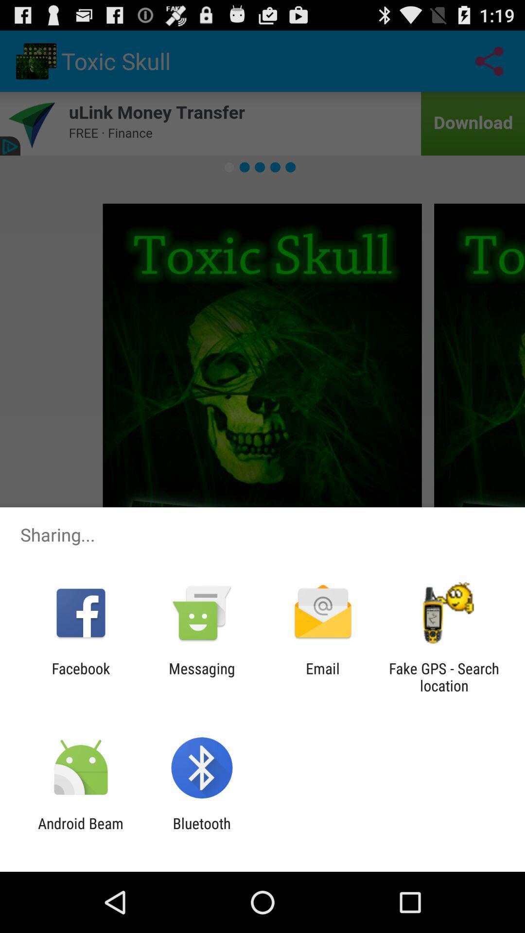 The height and width of the screenshot is (933, 525). Describe the element at coordinates (323, 676) in the screenshot. I see `the email icon` at that location.